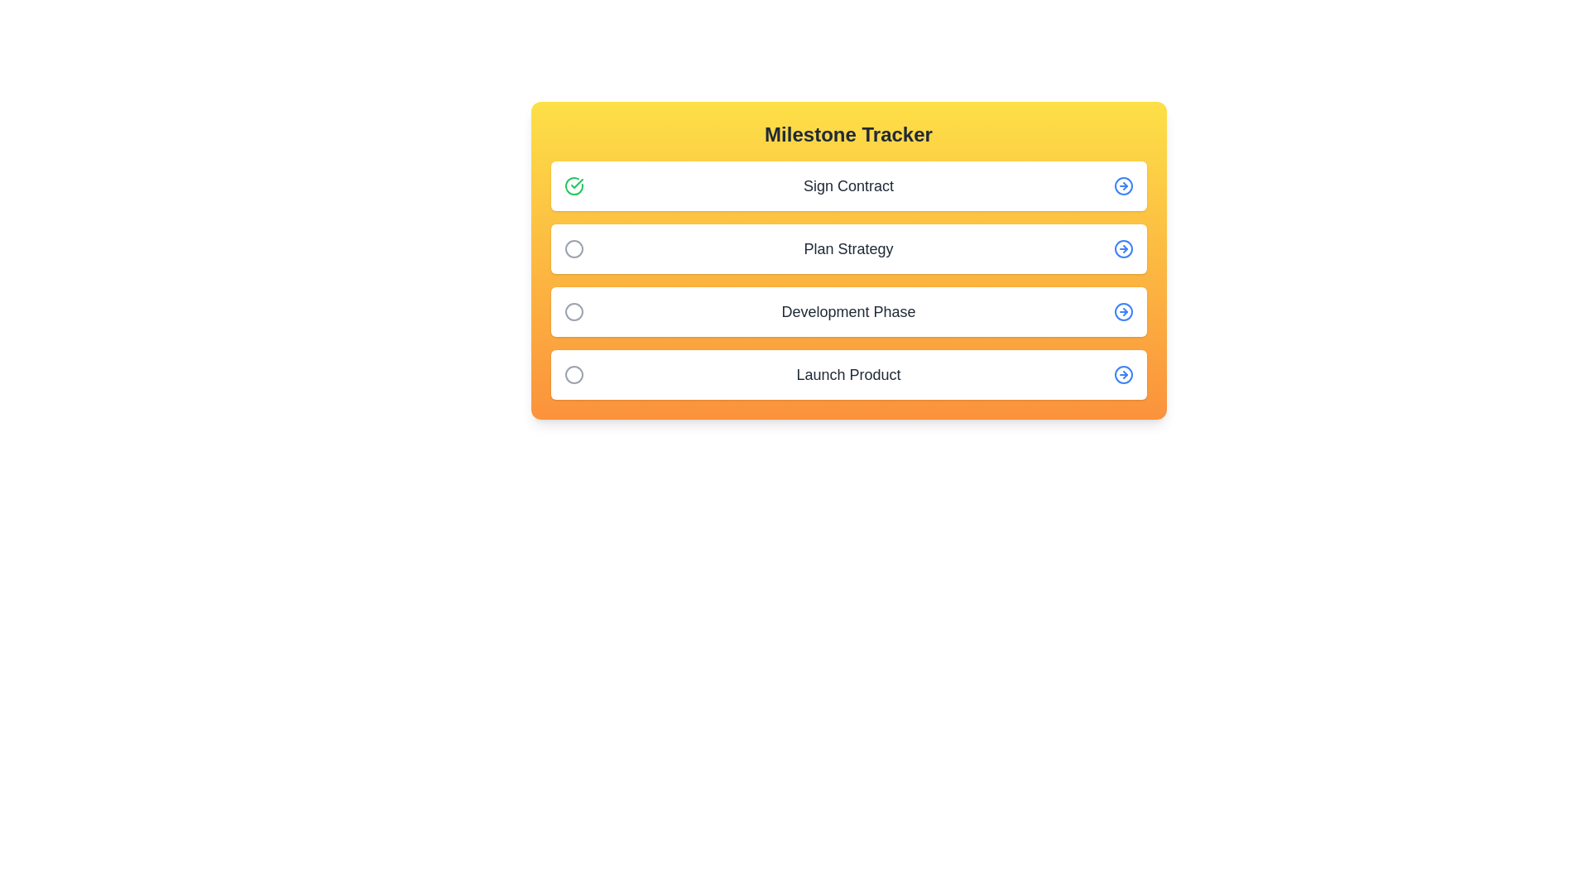  Describe the element at coordinates (574, 374) in the screenshot. I see `the circular light gray icon located to the left of the 'Launch Product' text in the interface` at that location.